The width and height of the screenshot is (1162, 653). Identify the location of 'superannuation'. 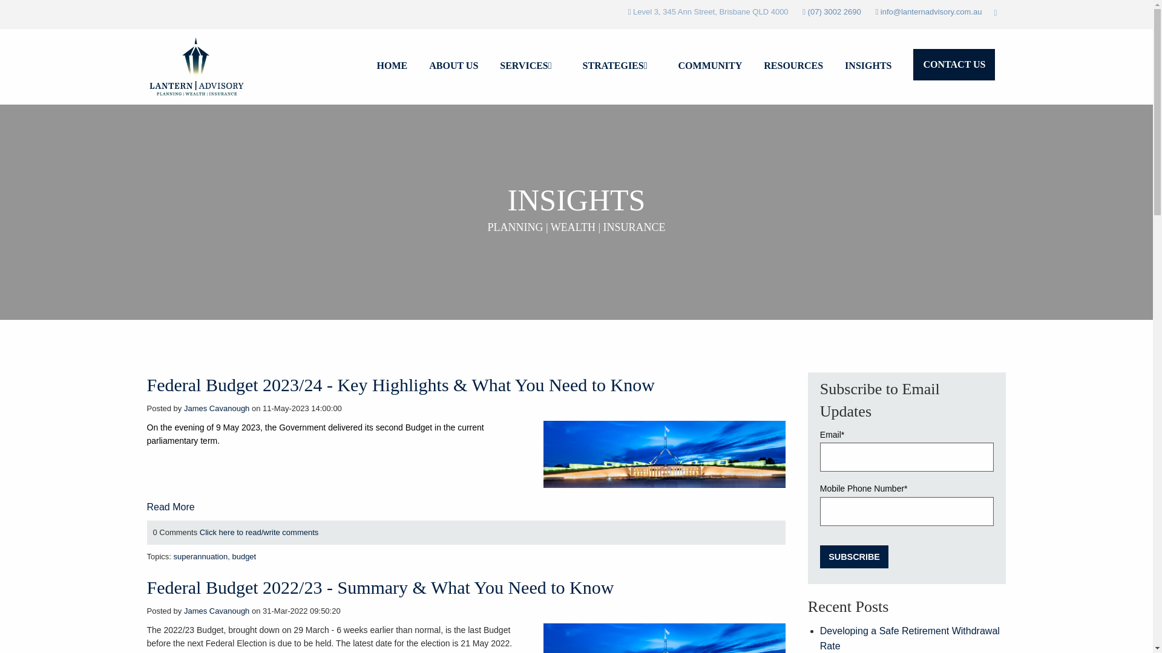
(200, 556).